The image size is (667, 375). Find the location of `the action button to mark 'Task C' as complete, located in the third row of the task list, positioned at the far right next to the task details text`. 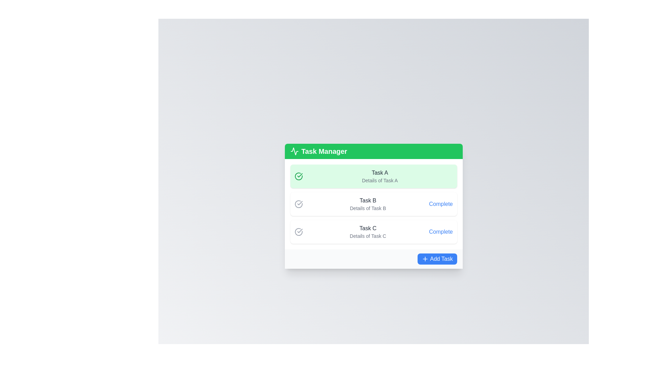

the action button to mark 'Task C' as complete, located in the third row of the task list, positioned at the far right next to the task details text is located at coordinates (440, 232).